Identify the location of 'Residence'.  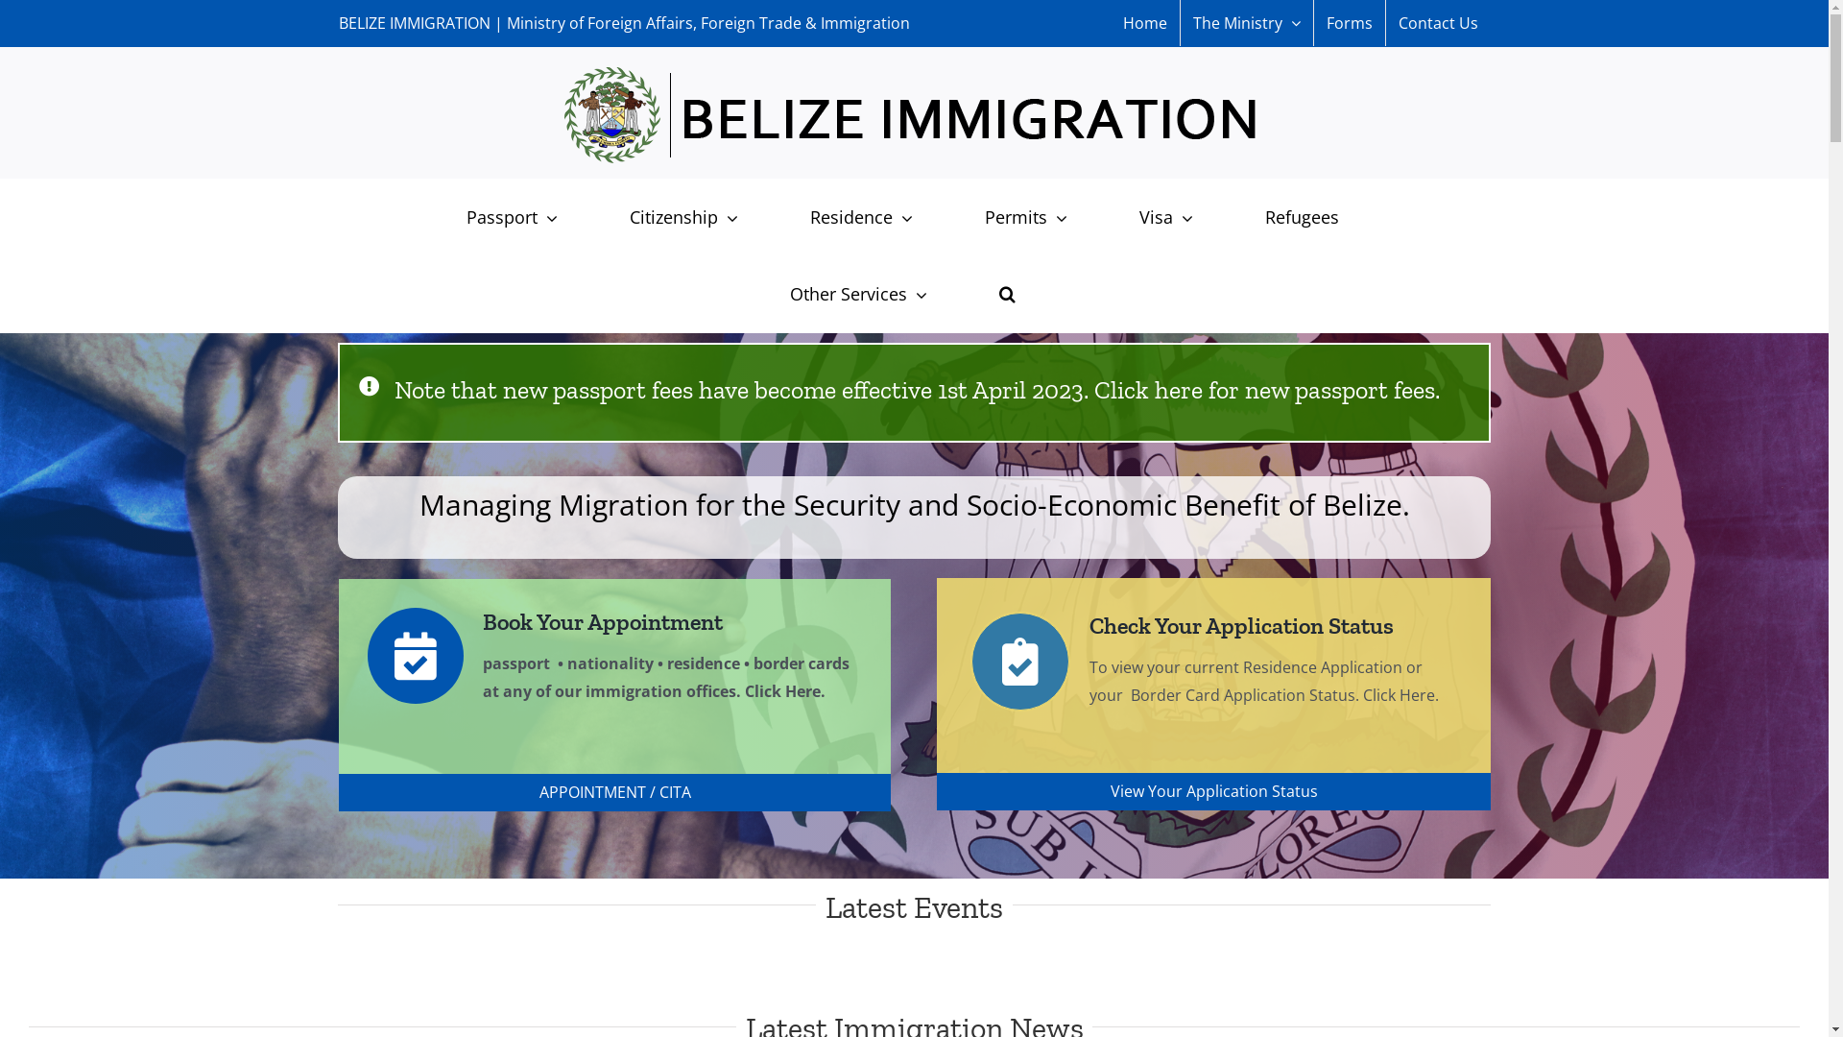
(859, 216).